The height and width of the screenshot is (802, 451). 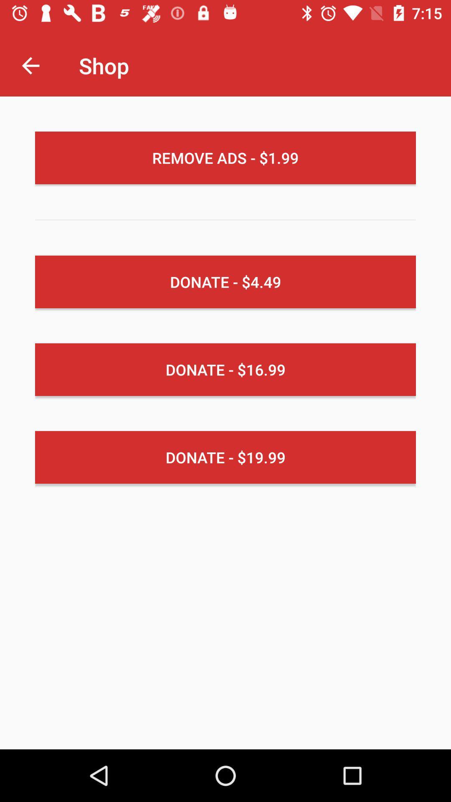 I want to click on the item to the left of shop icon, so click(x=30, y=65).